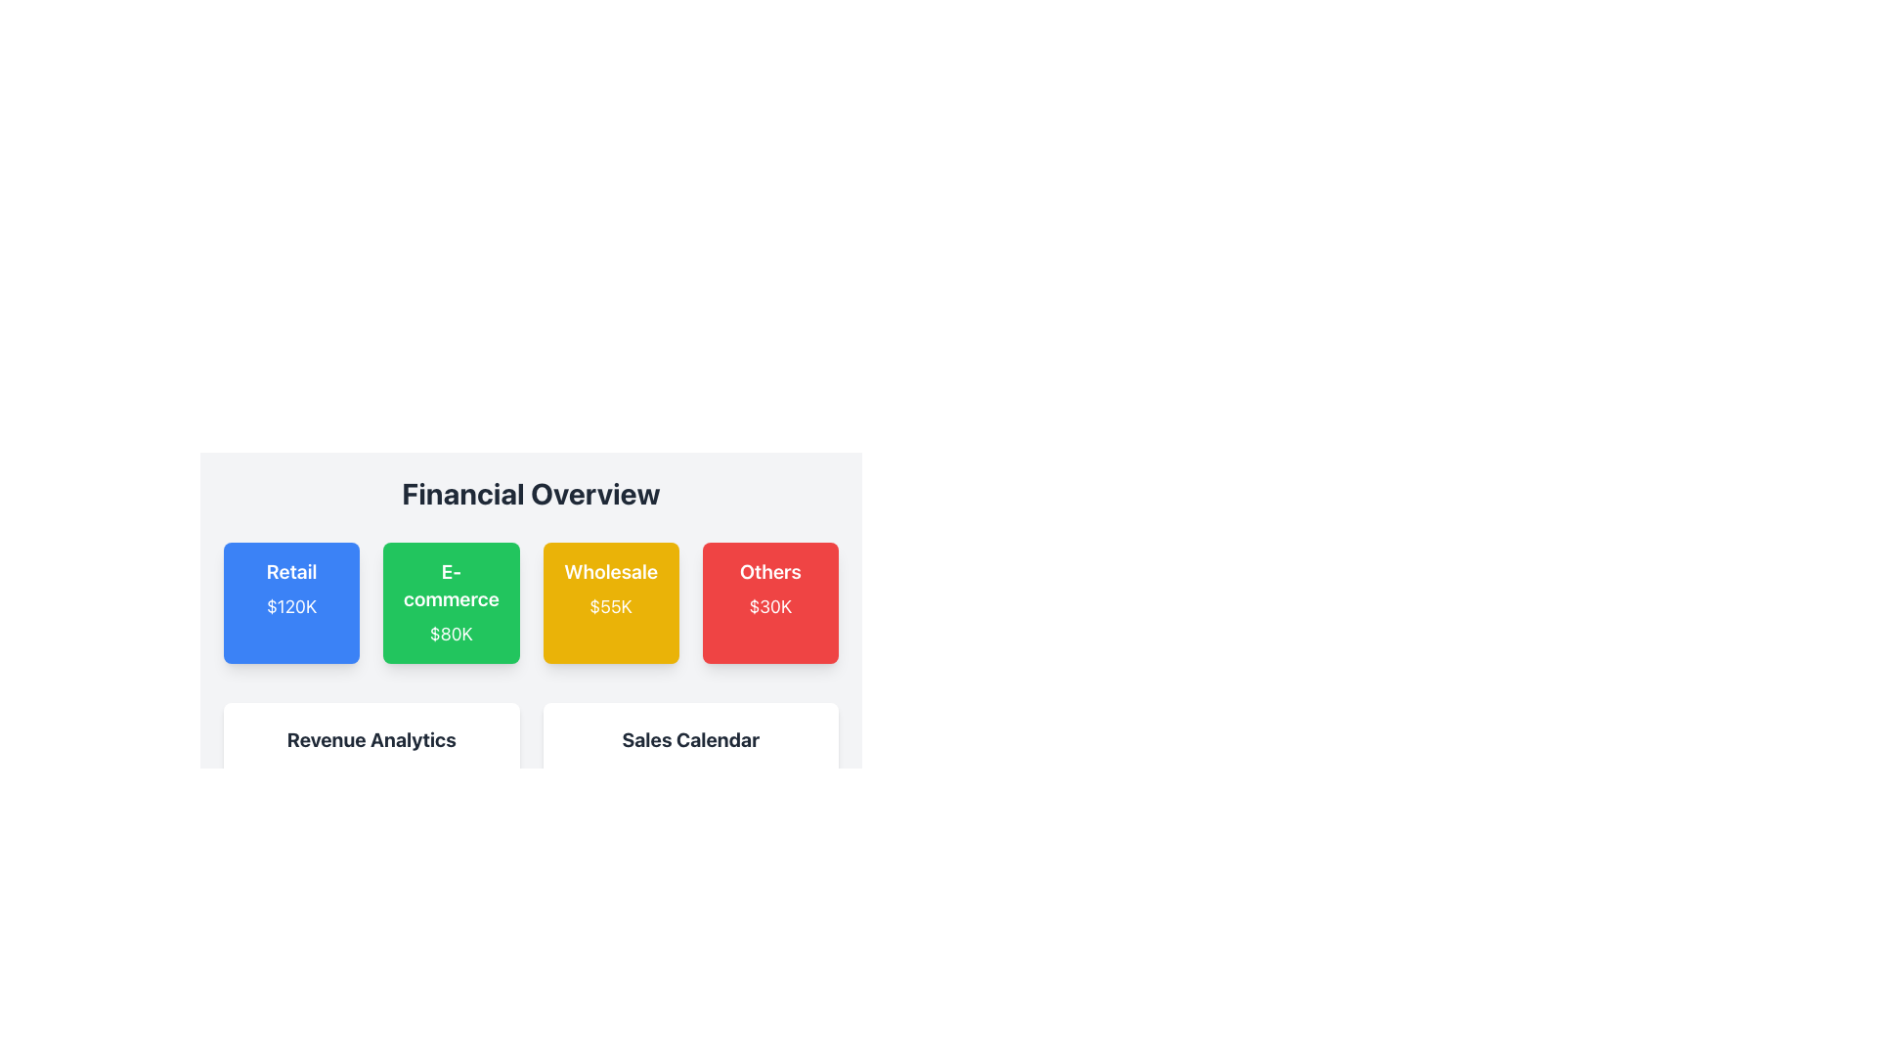 Image resolution: width=1877 pixels, height=1056 pixels. What do you see at coordinates (610, 606) in the screenshot?
I see `the text label displaying '$55K' within the 'Wholesale' card, which is positioned below the 'Wholesale' header` at bounding box center [610, 606].